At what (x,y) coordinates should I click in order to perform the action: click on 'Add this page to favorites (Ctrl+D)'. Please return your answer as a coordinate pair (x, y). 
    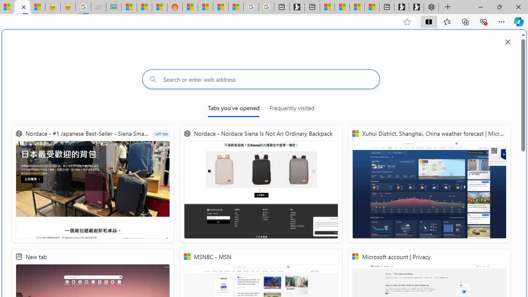
    Looking at the image, I should click on (407, 21).